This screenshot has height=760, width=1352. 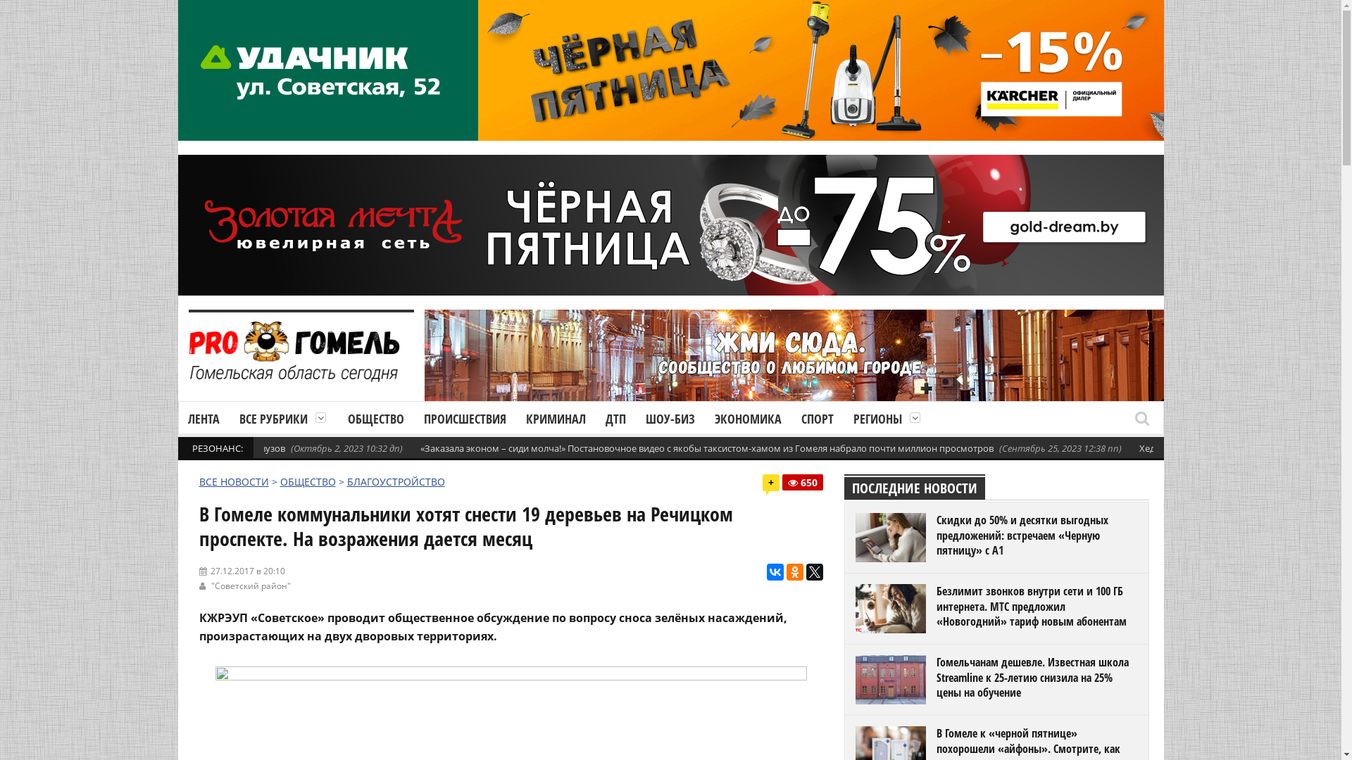 I want to click on 'Twitter', so click(x=814, y=572).